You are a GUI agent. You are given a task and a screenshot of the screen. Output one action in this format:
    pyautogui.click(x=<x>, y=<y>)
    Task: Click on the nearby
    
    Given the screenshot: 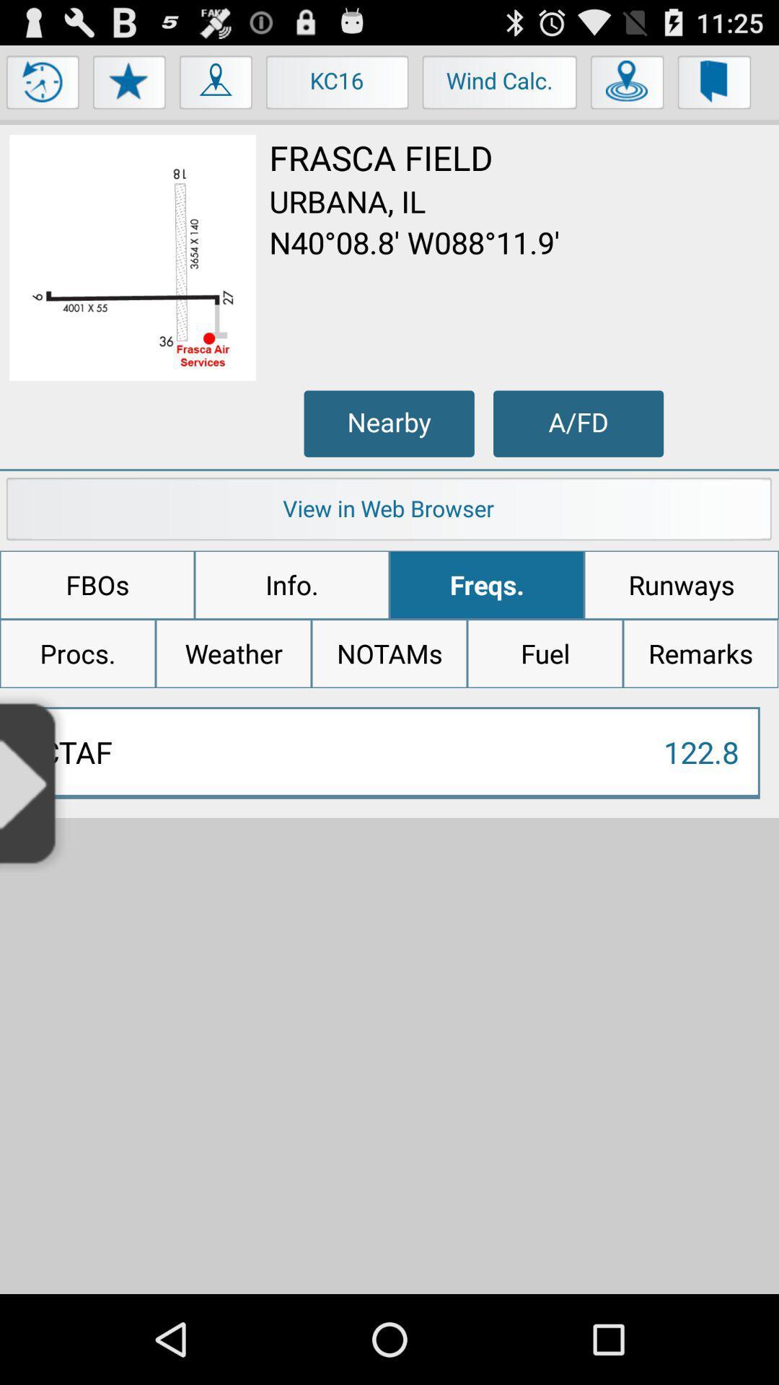 What is the action you would take?
    pyautogui.click(x=388, y=423)
    